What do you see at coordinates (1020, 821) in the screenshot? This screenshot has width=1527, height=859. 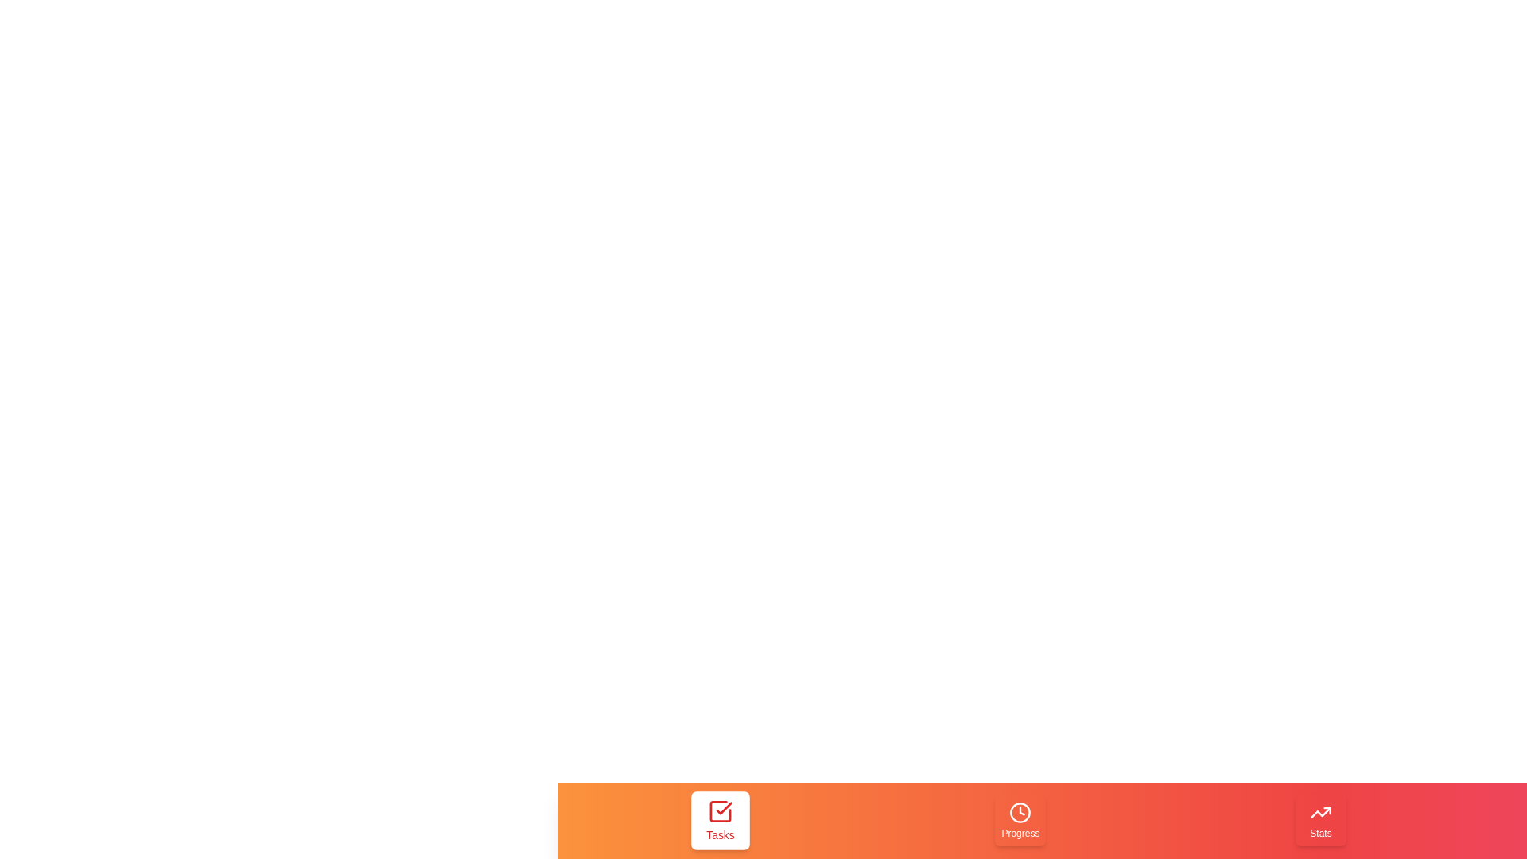 I see `the tab labeled Progress by clicking on it` at bounding box center [1020, 821].